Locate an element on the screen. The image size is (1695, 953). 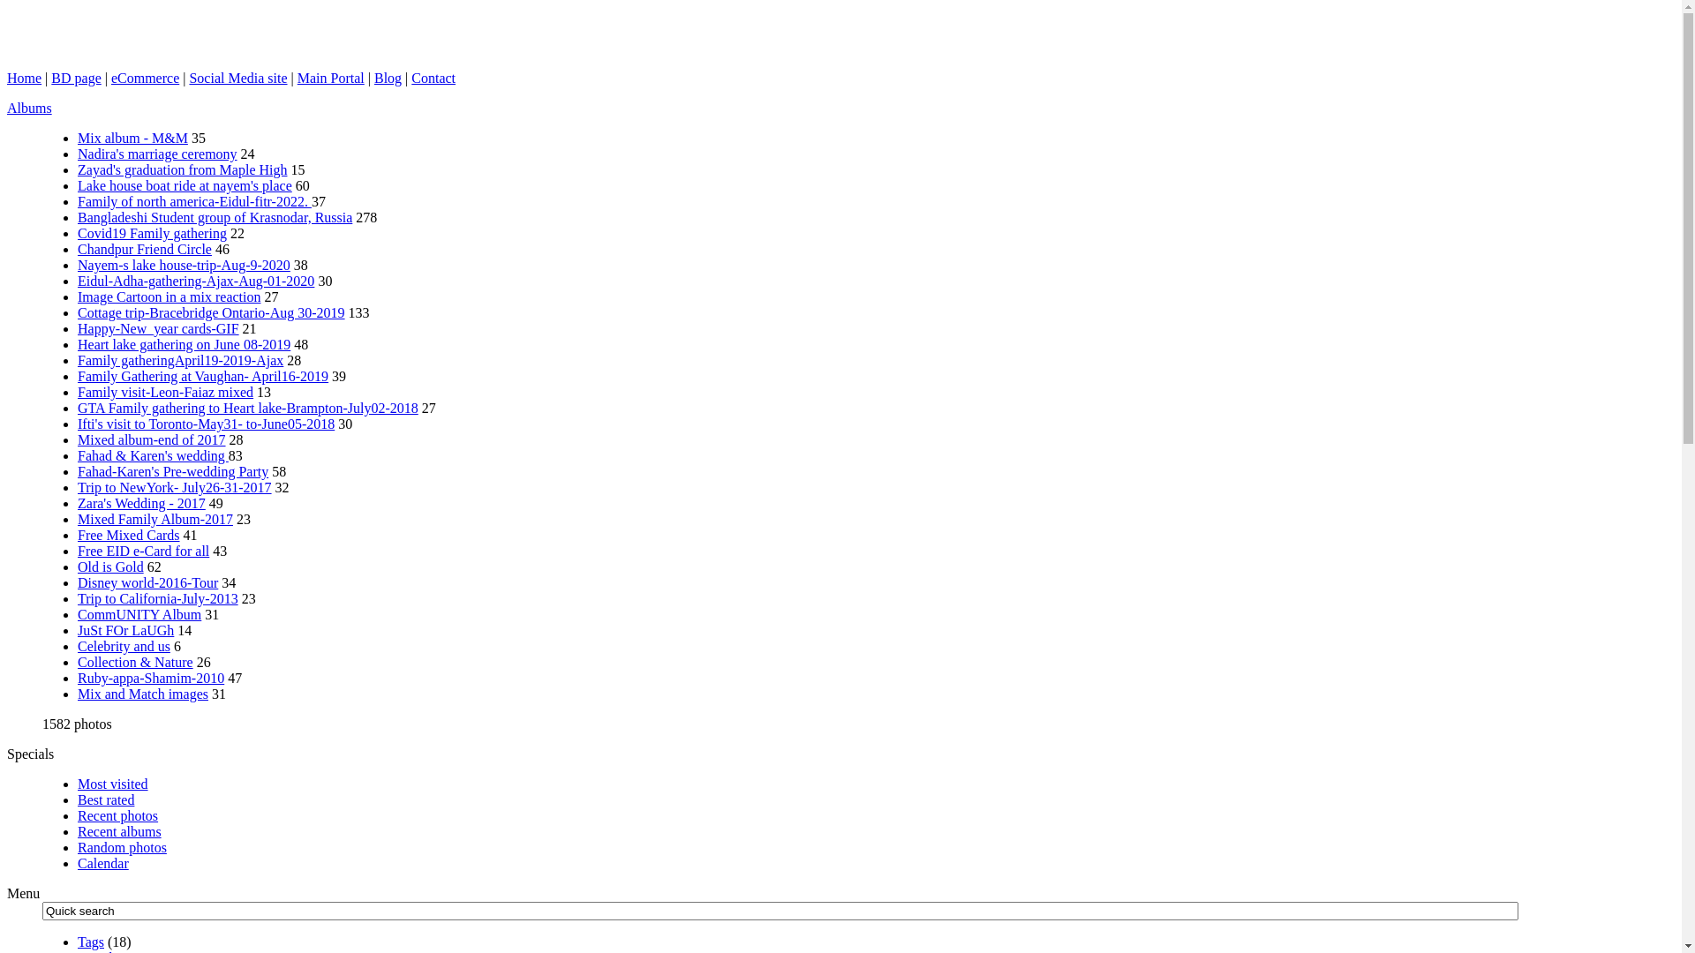
'Ruby-appa-Shamim-2010' is located at coordinates (151, 677).